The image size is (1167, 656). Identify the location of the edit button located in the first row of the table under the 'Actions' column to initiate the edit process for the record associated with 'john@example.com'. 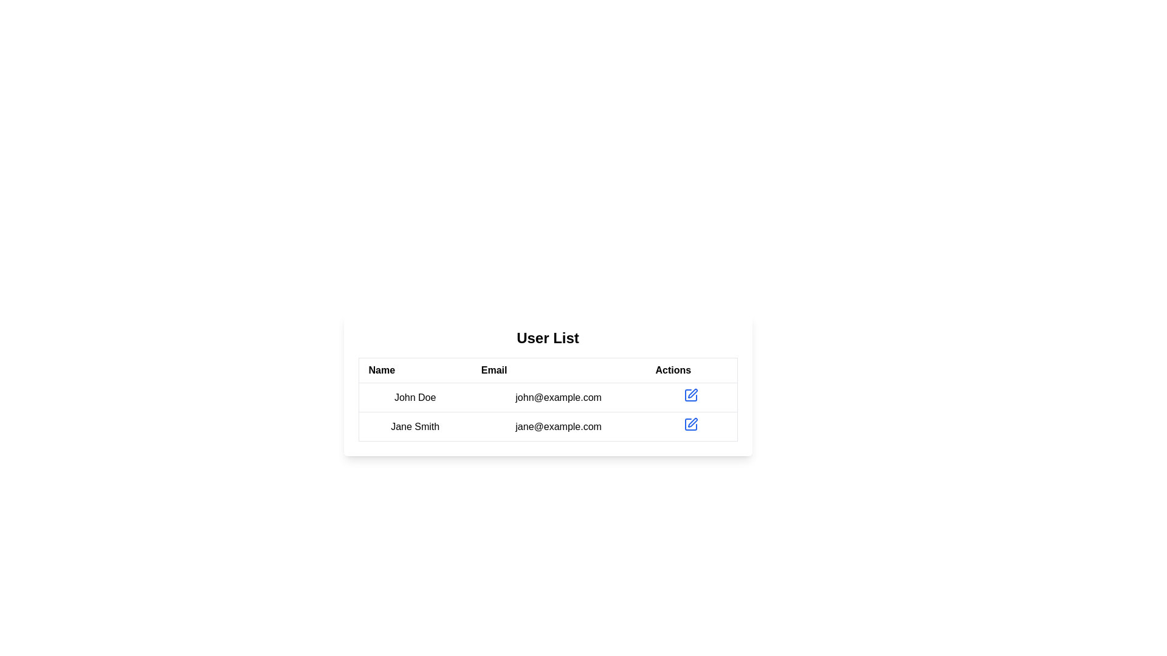
(691, 395).